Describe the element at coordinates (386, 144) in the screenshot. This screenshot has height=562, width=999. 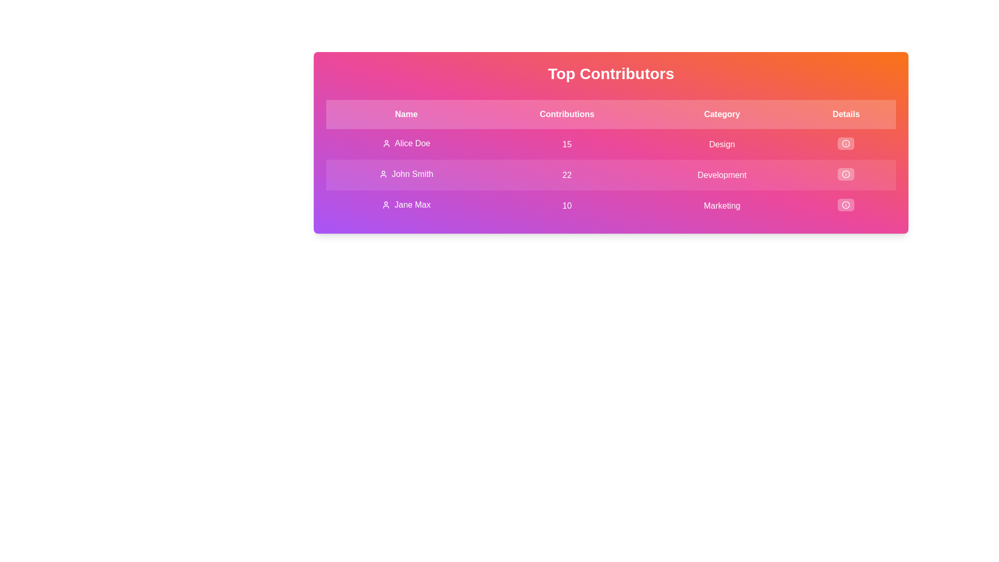
I see `the design of the user/profile icon associated with 'Alice Doe', located in the first row of the contributors' list, to the left of the name` at that location.